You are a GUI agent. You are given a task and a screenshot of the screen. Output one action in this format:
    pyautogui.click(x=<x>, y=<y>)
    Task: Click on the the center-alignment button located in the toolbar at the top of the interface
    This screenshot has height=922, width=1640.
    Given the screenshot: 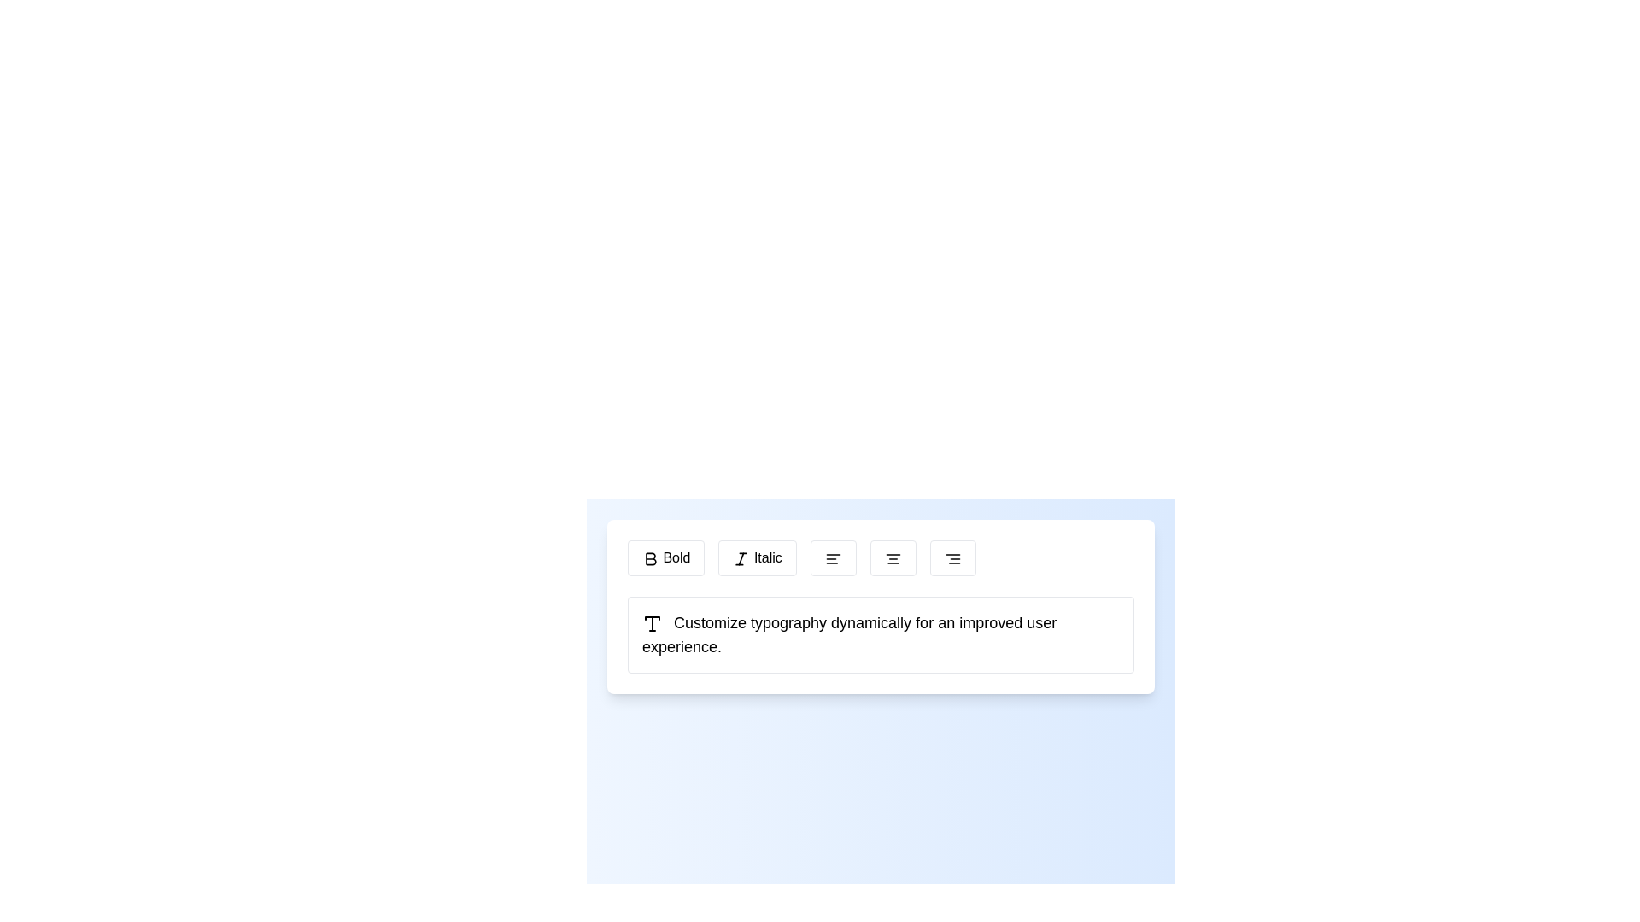 What is the action you would take?
    pyautogui.click(x=892, y=558)
    